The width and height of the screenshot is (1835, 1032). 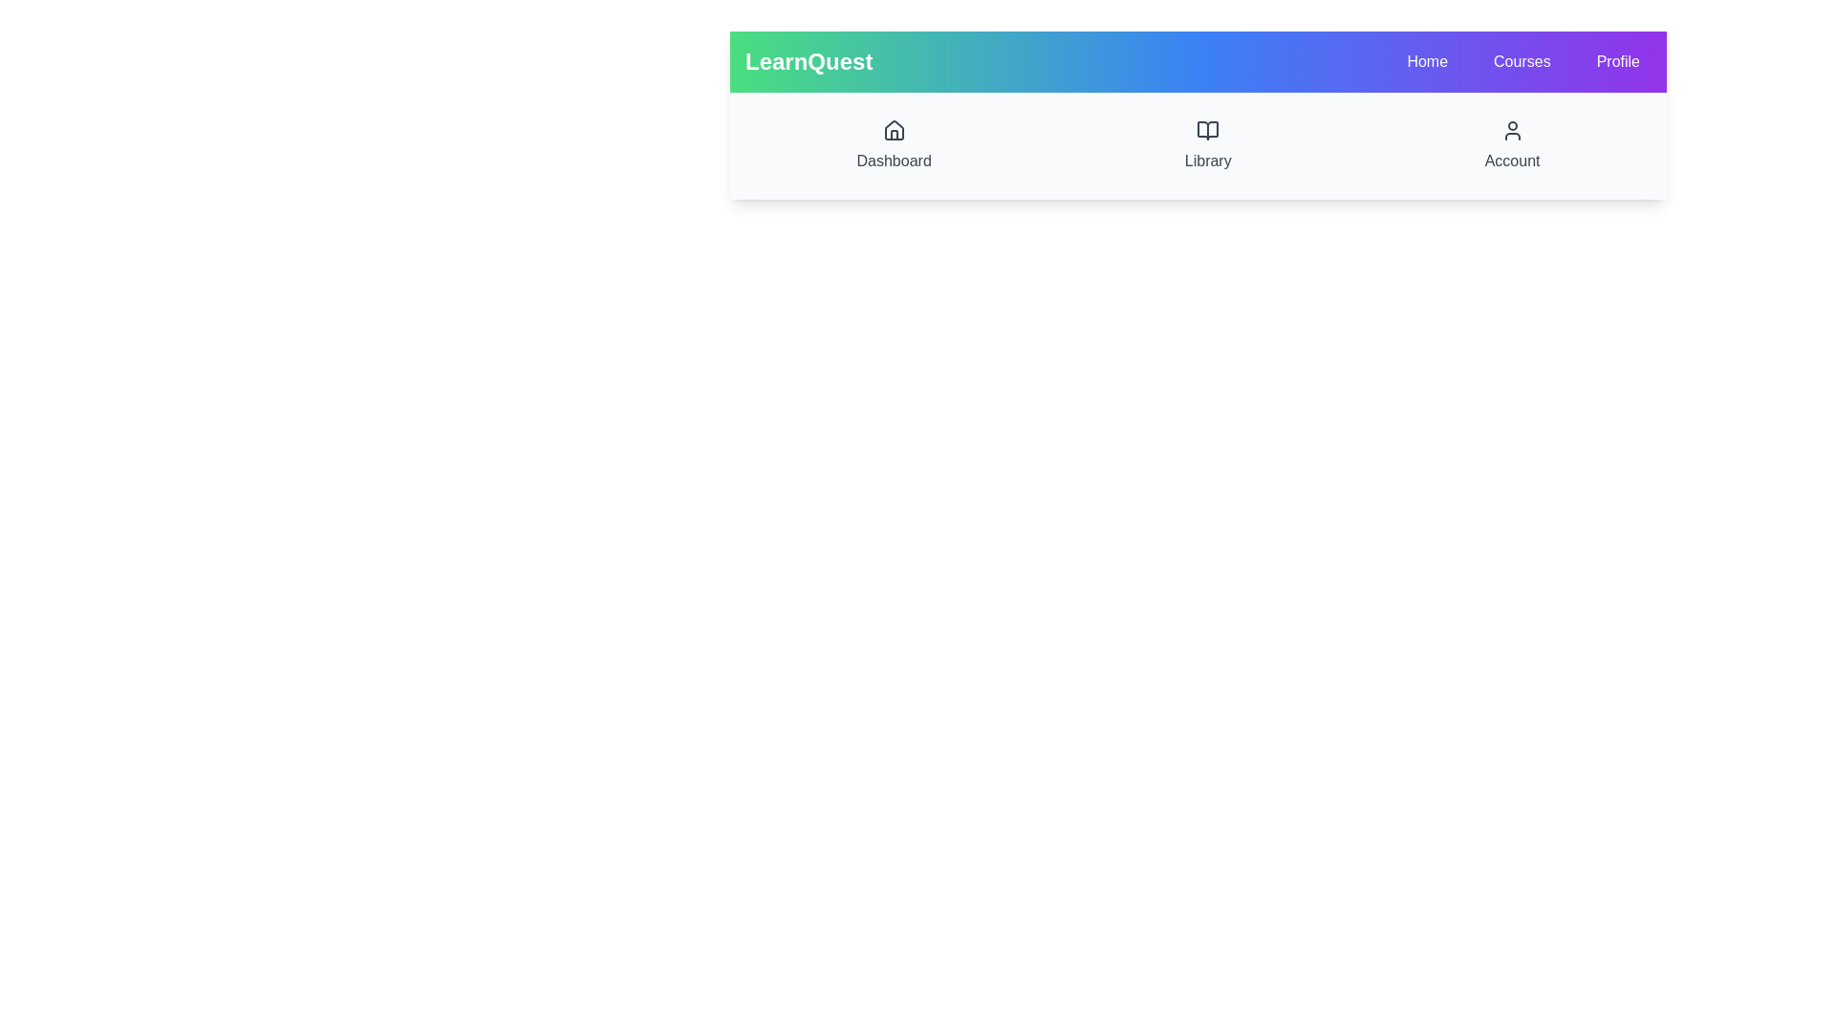 What do you see at coordinates (1521, 61) in the screenshot?
I see `the navigation menu item Courses` at bounding box center [1521, 61].